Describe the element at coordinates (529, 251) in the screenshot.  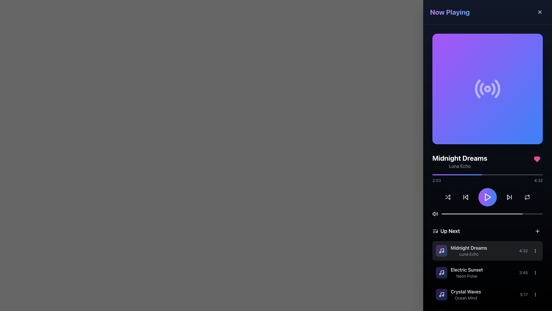
I see `the Text label displaying '4:32', which is located to the right of the song title 'Midnight Dreams' by 'Luna Echo' and to the immediate left of a vertical ellipsis icon` at that location.